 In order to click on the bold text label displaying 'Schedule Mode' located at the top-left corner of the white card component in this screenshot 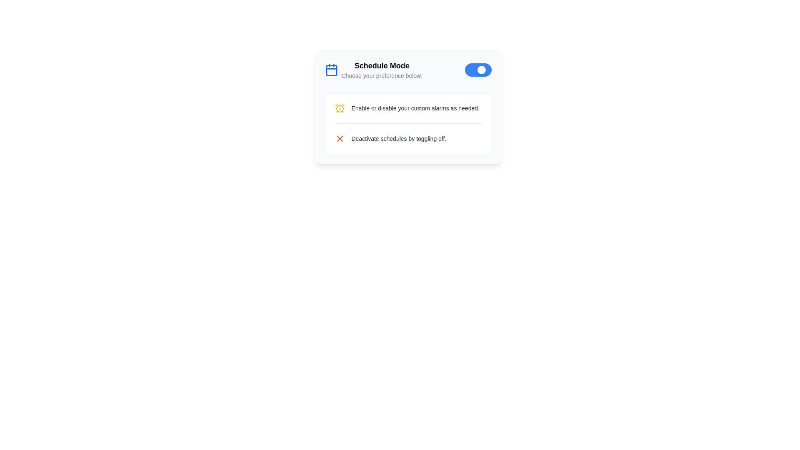, I will do `click(381, 65)`.